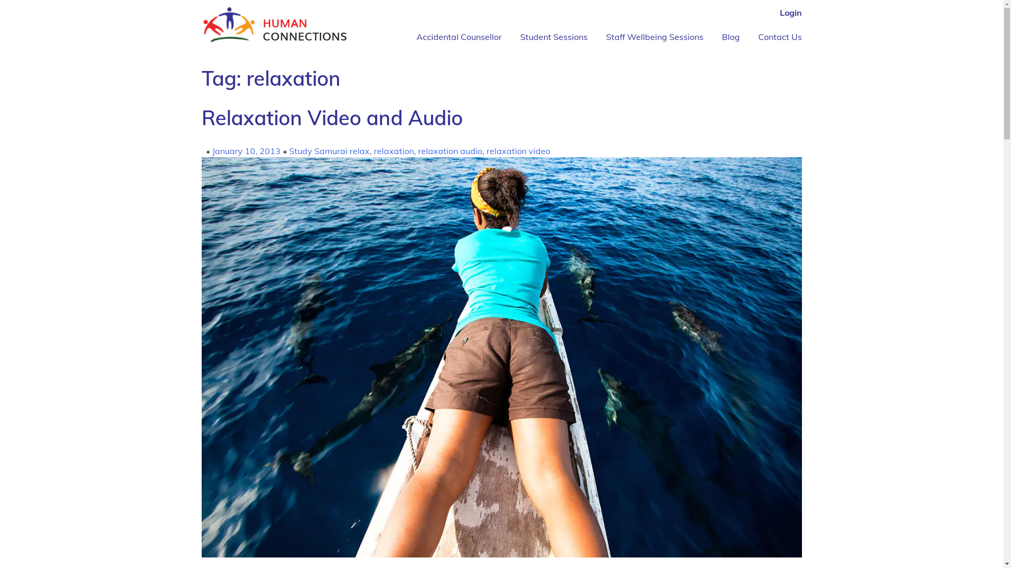  I want to click on 'Staff Wellbeing Sessions', so click(653, 36).